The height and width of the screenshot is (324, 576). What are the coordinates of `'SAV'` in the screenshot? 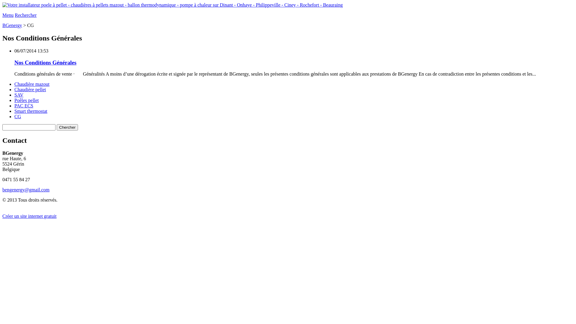 It's located at (19, 94).